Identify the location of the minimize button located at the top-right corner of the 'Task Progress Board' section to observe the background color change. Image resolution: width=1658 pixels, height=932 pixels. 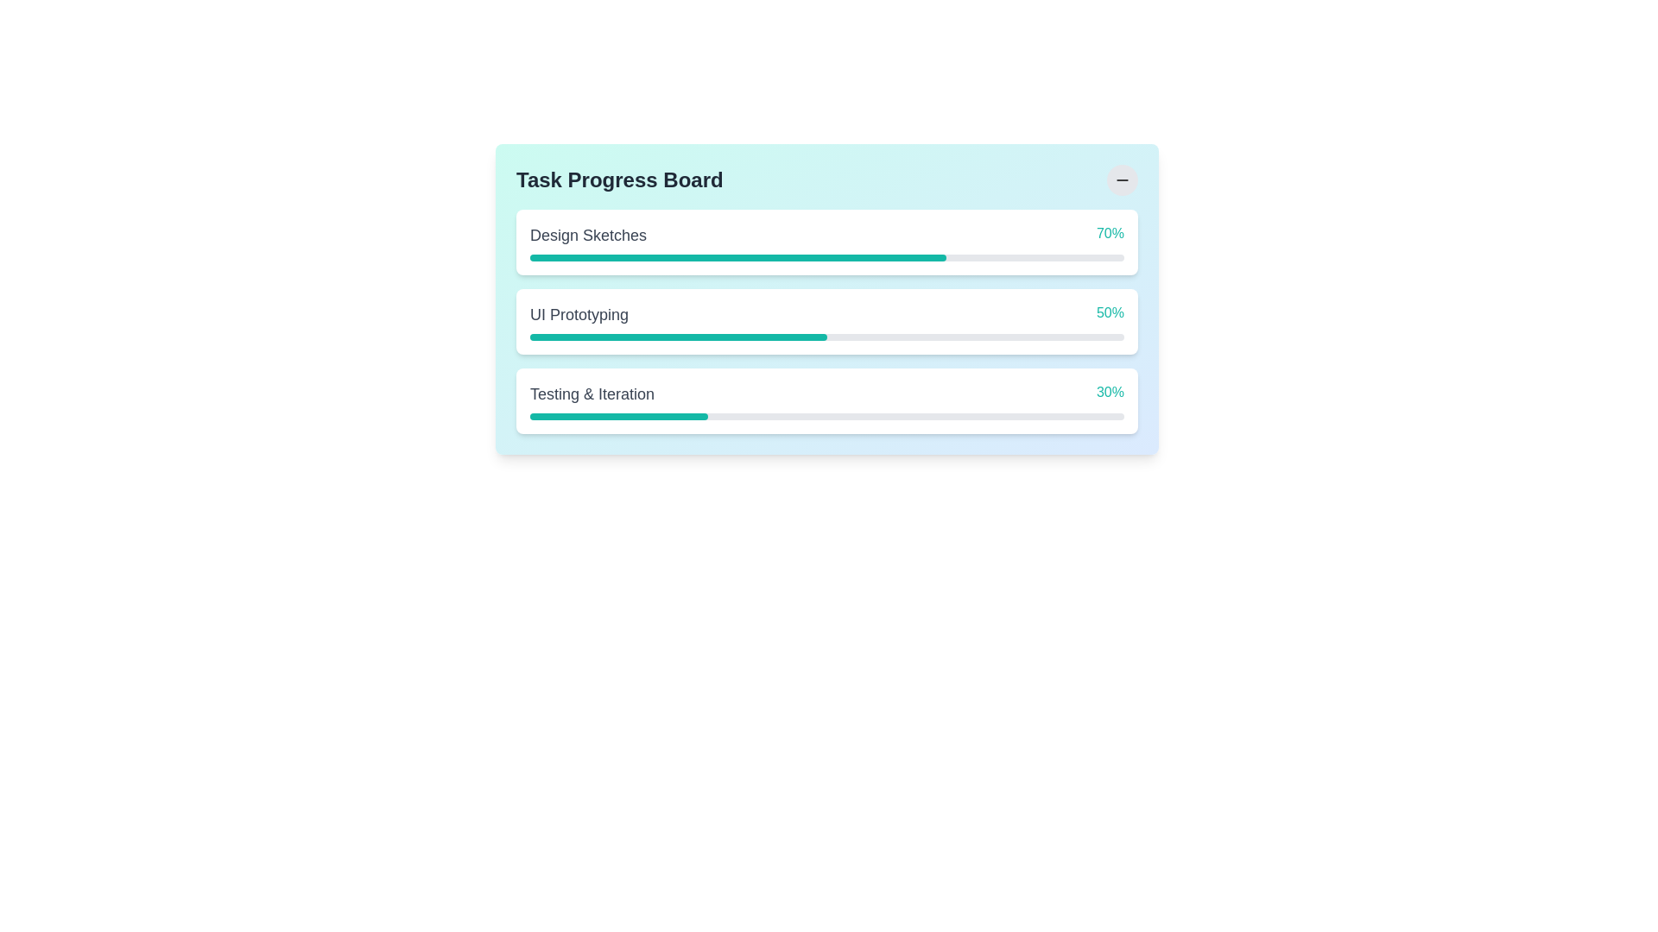
(1123, 179).